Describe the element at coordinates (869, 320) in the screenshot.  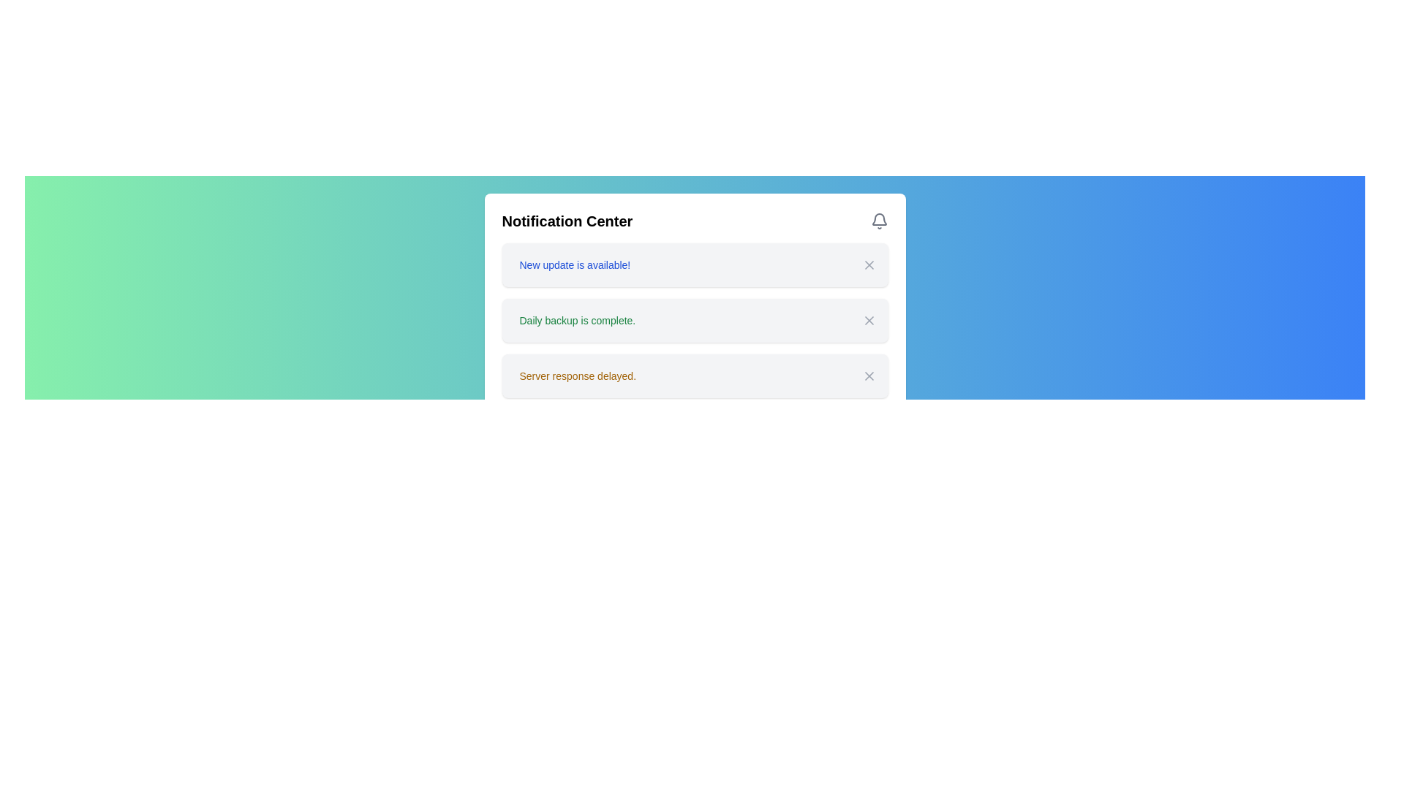
I see `the small square-shaped close button with an 'X' symbol` at that location.